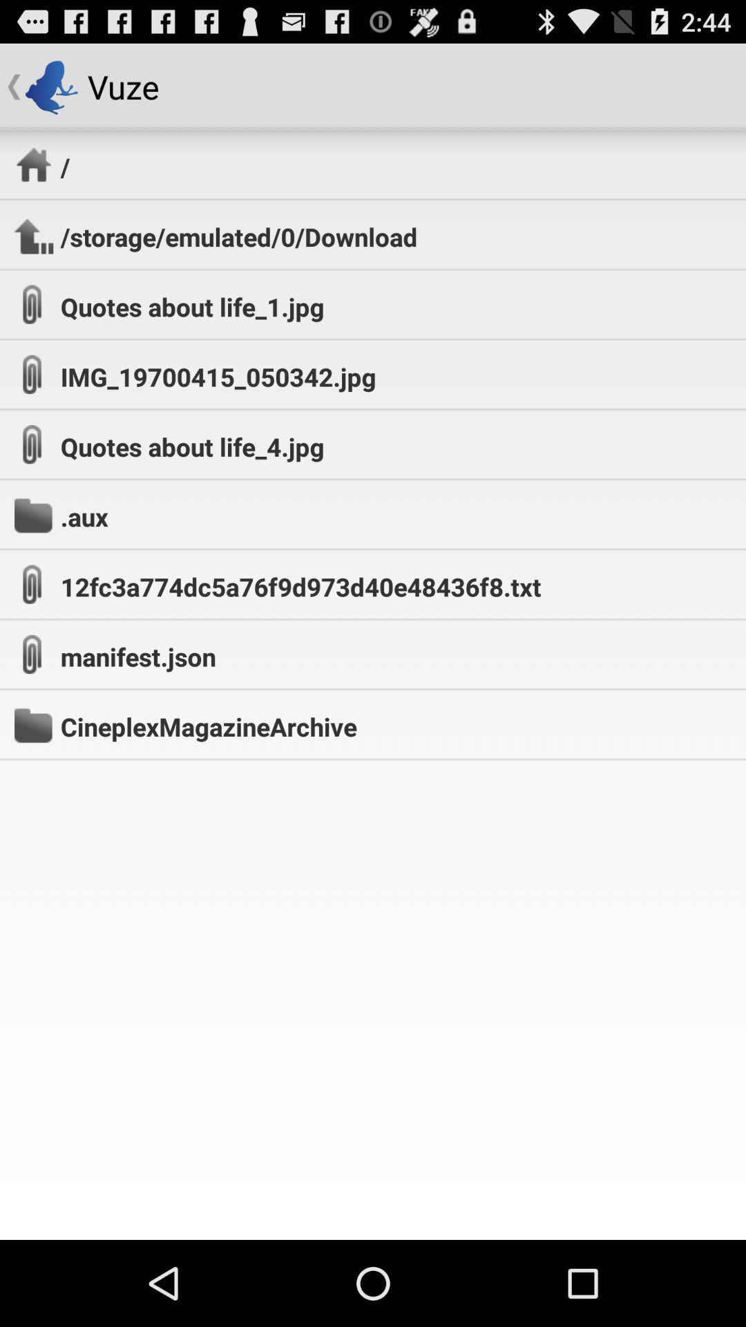 Image resolution: width=746 pixels, height=1327 pixels. I want to click on the .aux, so click(84, 516).